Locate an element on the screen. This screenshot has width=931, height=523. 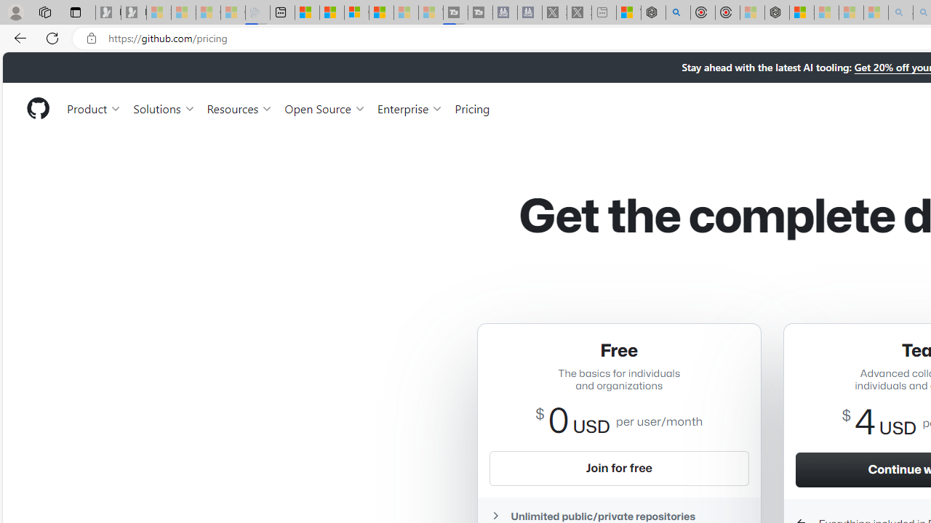
'Resources' is located at coordinates (240, 108).